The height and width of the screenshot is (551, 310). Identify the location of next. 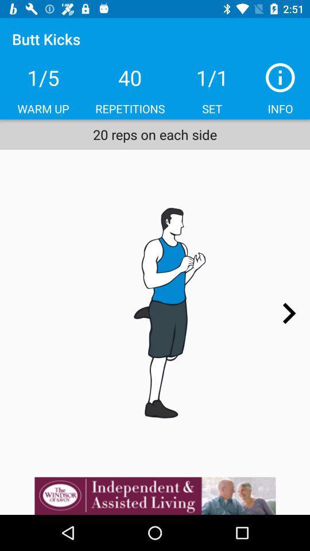
(288, 313).